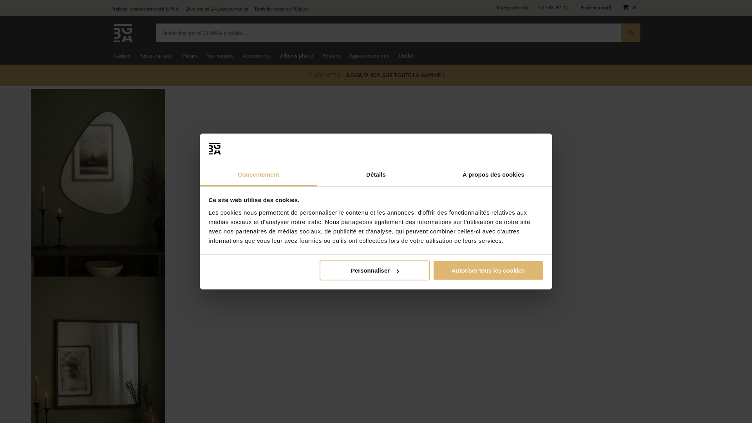 This screenshot has width=752, height=423. I want to click on 'fr@bgastore.be', so click(513, 7).